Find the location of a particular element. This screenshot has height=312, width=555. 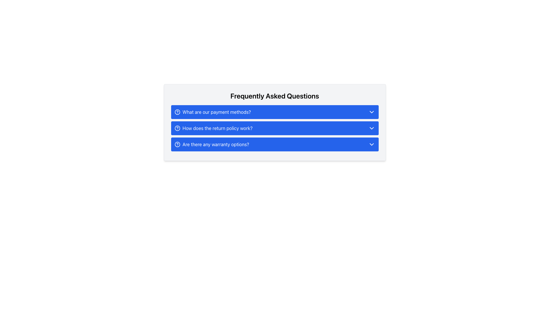

the downward-pointing chevron icon with a blue background and white strokes, located to the far right of the FAQ option titled 'How does the return policy work?' is located at coordinates (371, 128).